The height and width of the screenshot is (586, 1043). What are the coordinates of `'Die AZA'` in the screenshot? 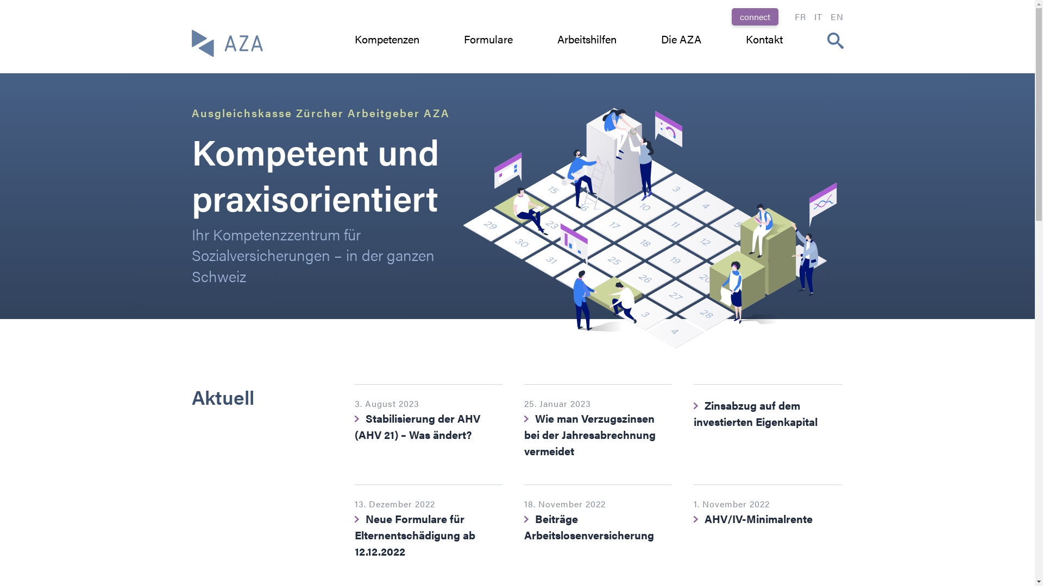 It's located at (680, 39).